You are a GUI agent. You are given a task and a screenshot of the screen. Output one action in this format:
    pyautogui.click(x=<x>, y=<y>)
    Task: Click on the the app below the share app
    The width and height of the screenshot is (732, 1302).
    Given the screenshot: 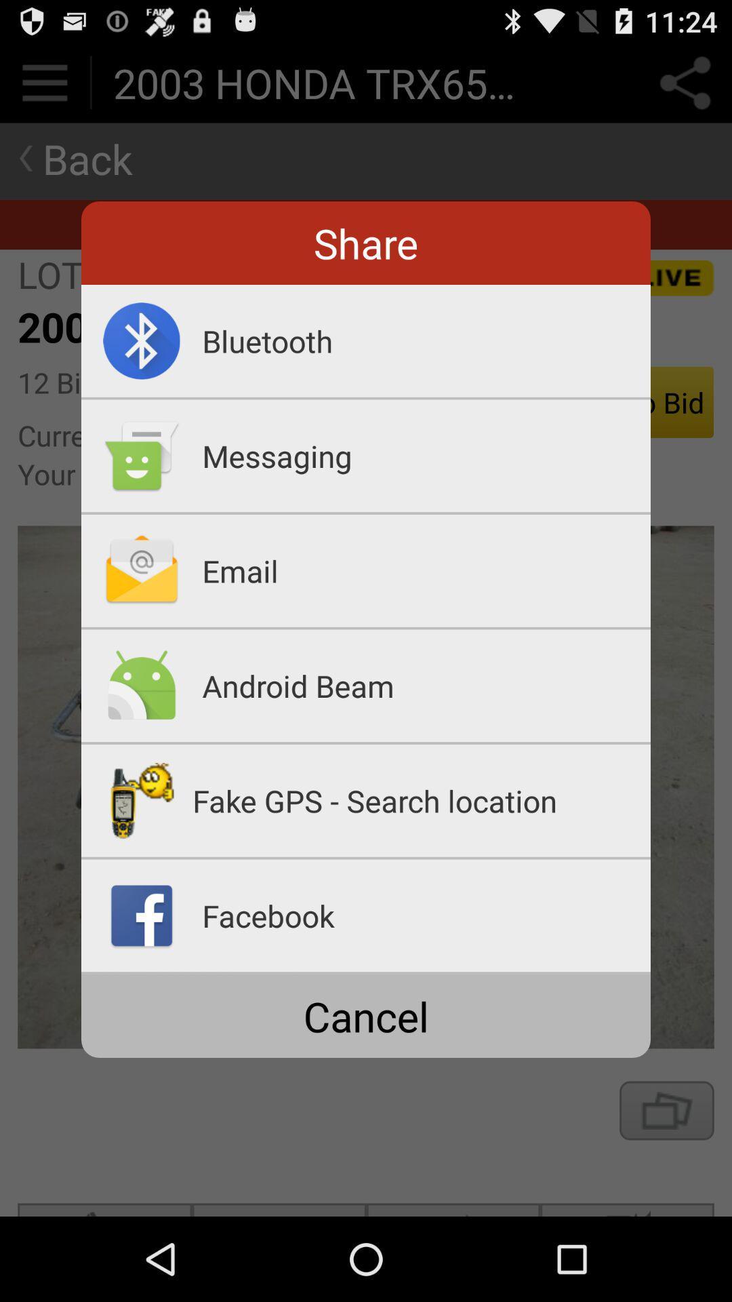 What is the action you would take?
    pyautogui.click(x=426, y=340)
    